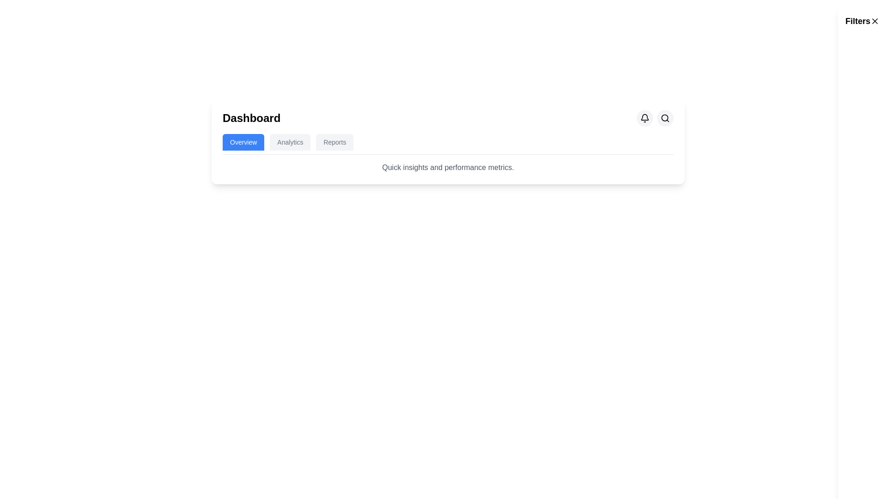 This screenshot has width=887, height=499. What do you see at coordinates (251, 117) in the screenshot?
I see `the Text Label that serves as a title or heading indicating the current section or page of the interface, located at the top-left corner of the page` at bounding box center [251, 117].